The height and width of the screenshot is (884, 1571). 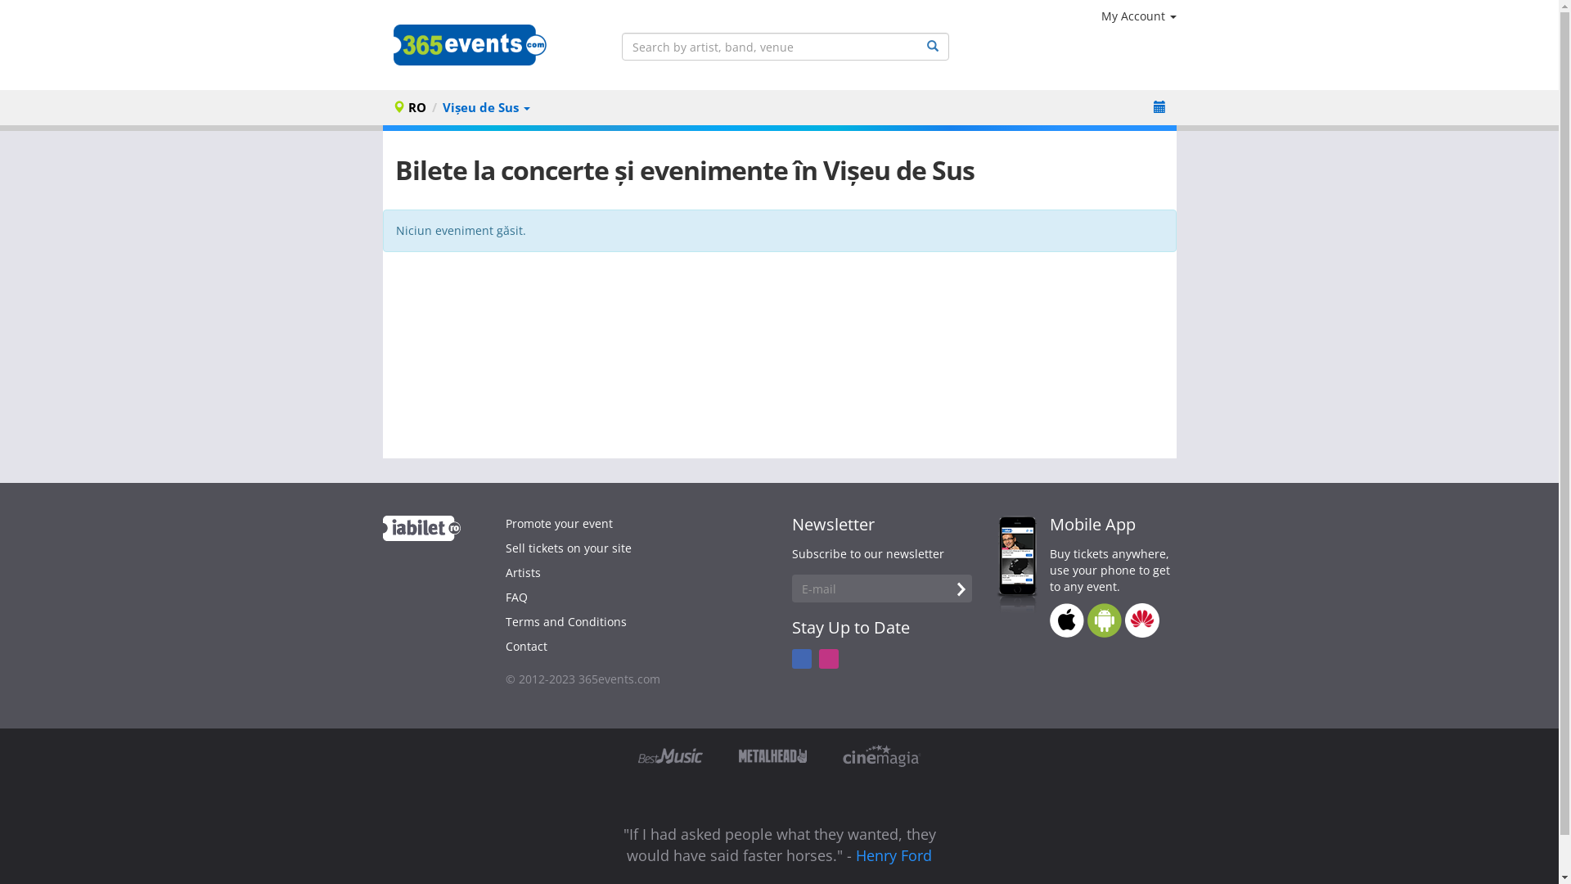 What do you see at coordinates (522, 571) in the screenshot?
I see `'Artists'` at bounding box center [522, 571].